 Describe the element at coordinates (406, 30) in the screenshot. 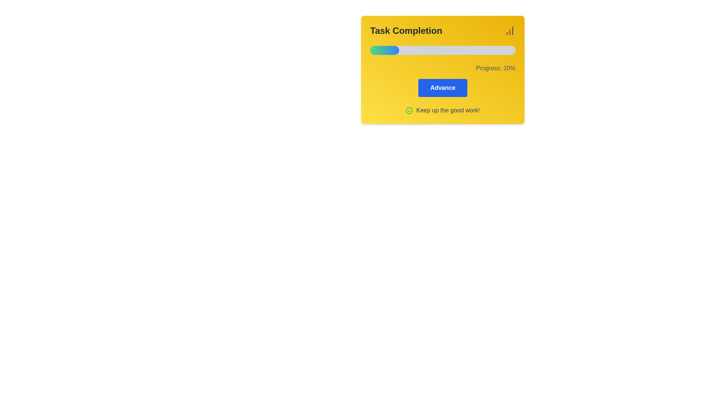

I see `the bold text label displaying 'Task Completion' which is prominently styled in grayish-black against a bright yellow background, located in the upper-left corner of its panel` at that location.